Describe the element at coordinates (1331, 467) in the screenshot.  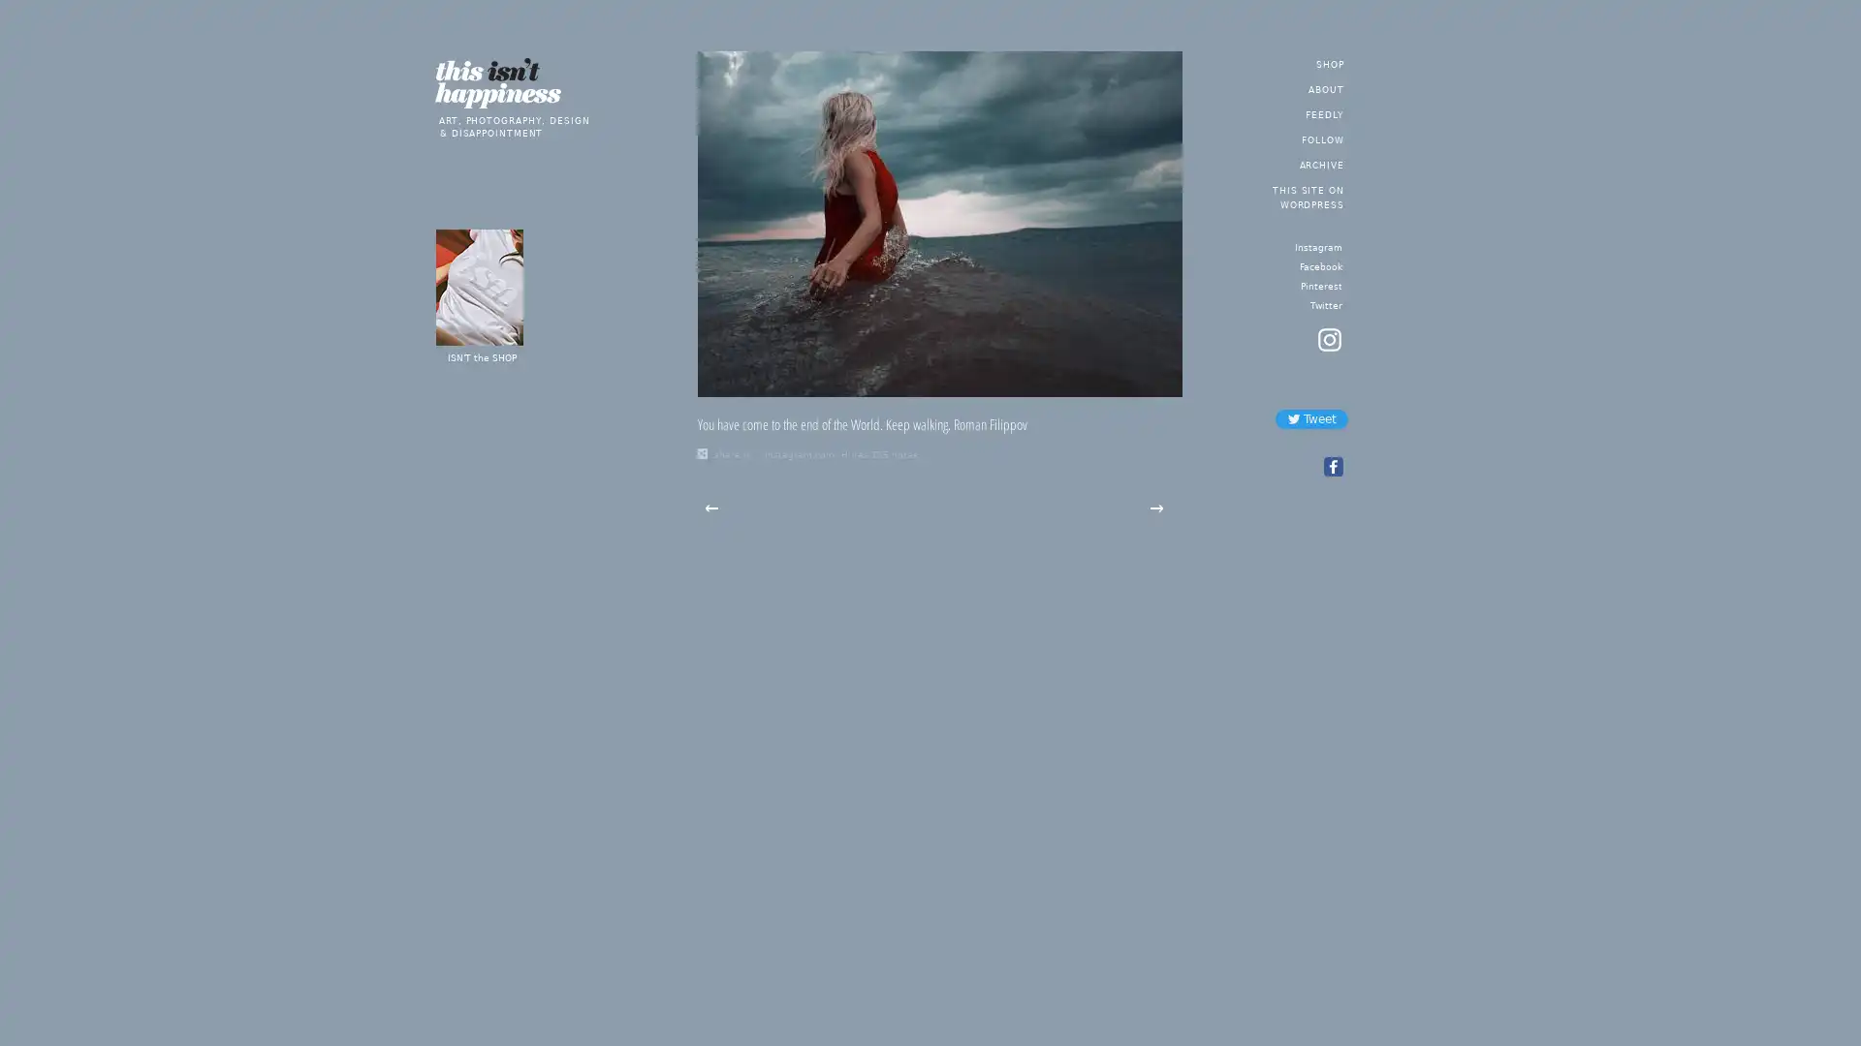
I see `Share to Facebook` at that location.